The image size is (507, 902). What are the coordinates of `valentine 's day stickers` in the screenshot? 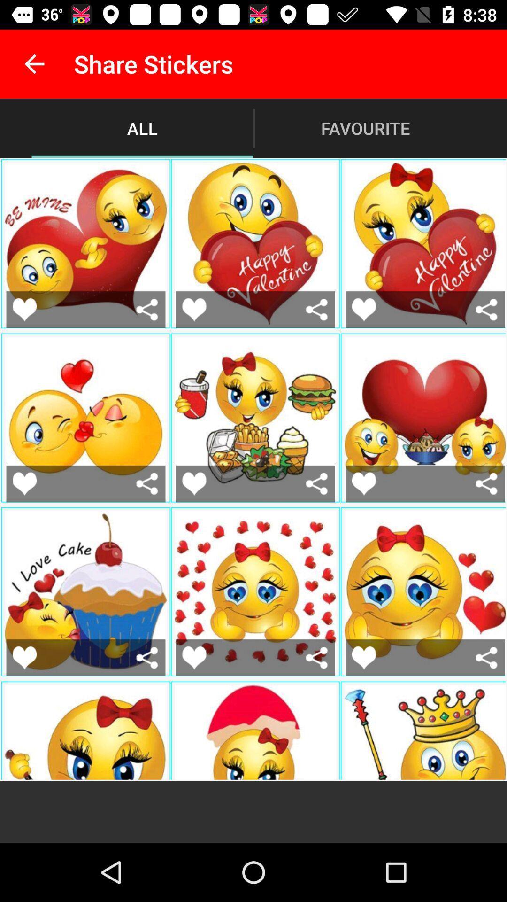 It's located at (193, 657).